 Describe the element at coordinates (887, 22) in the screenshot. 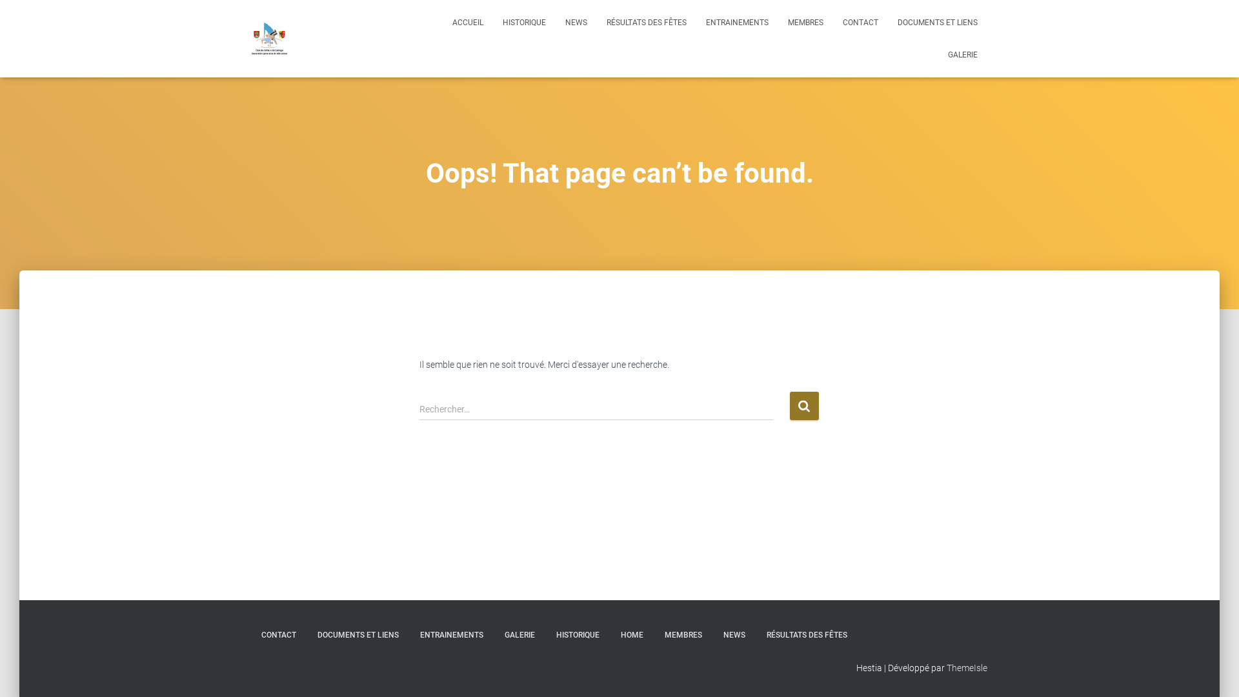

I see `'DOCUMENTS ET LIENS'` at that location.